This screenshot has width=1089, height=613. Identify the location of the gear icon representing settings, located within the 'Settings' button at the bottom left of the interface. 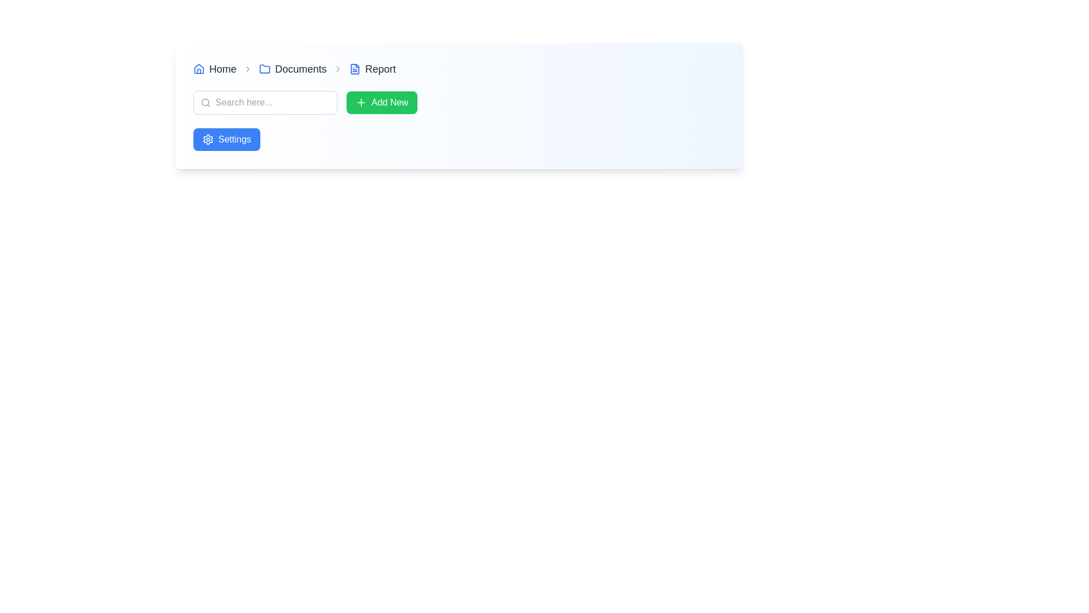
(208, 139).